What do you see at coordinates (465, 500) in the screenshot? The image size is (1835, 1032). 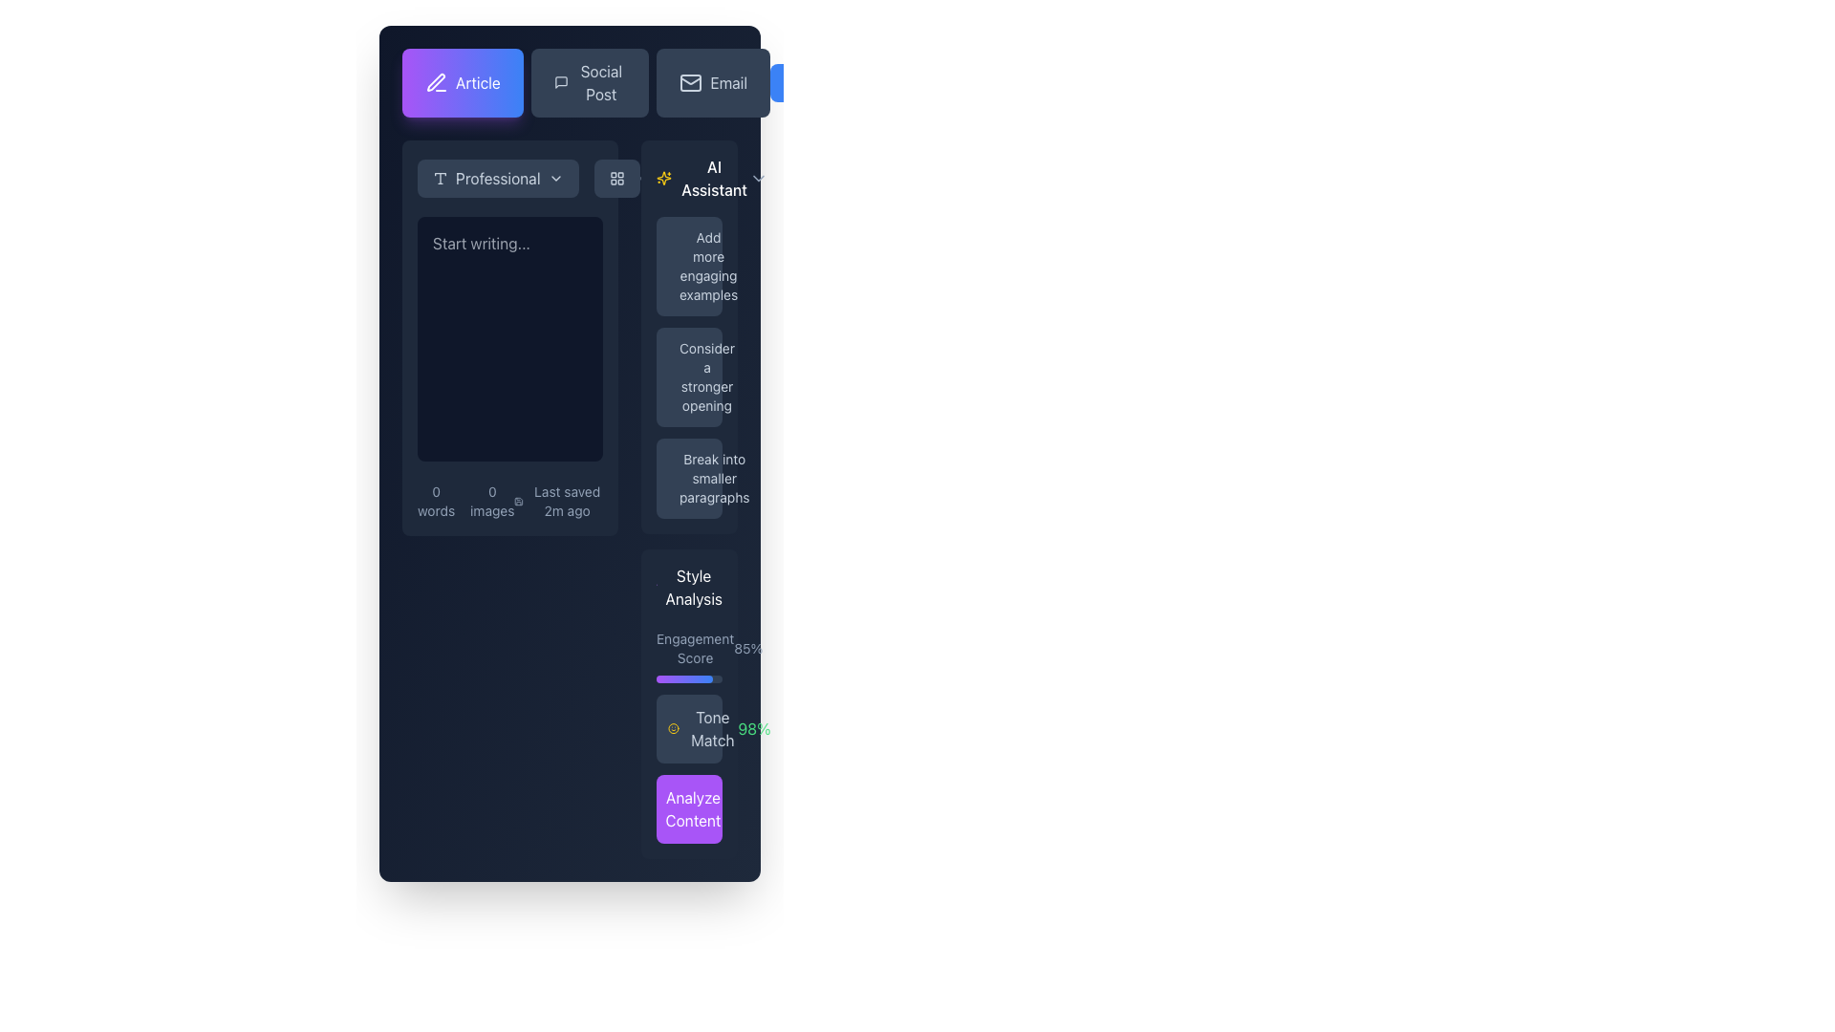 I see `the text-based informational label that displays the document's current state, indicating zero words and zero images` at bounding box center [465, 500].